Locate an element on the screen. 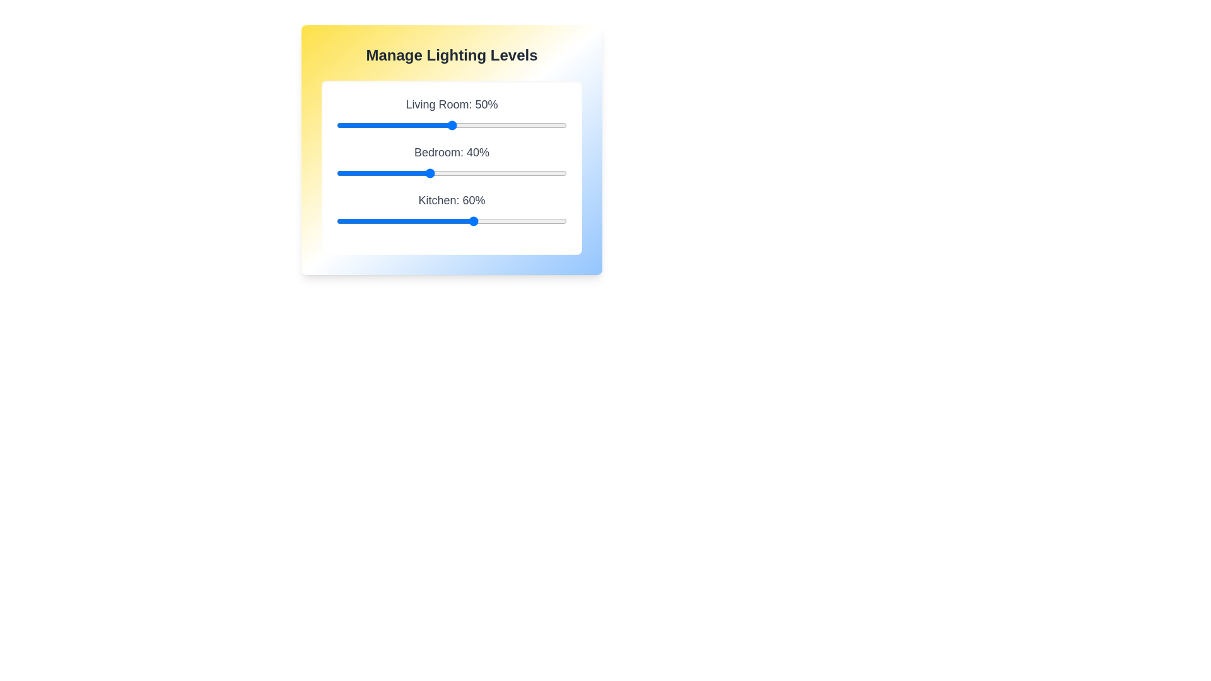 The height and width of the screenshot is (681, 1211). the Living Room lighting slider to 23% is located at coordinates (389, 125).